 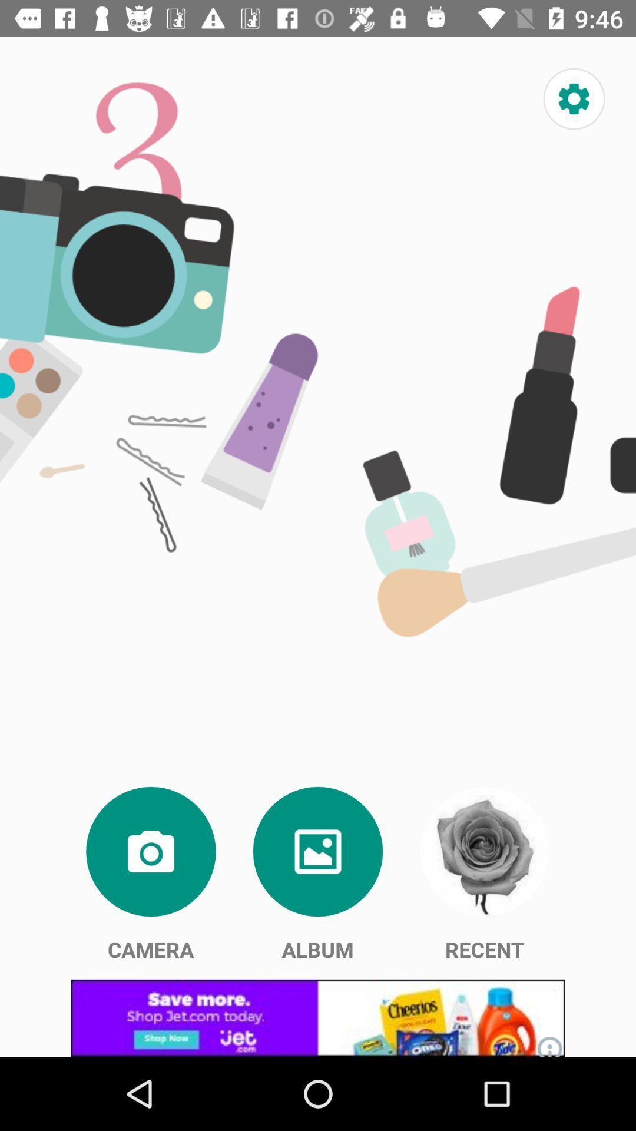 I want to click on setting, so click(x=574, y=99).